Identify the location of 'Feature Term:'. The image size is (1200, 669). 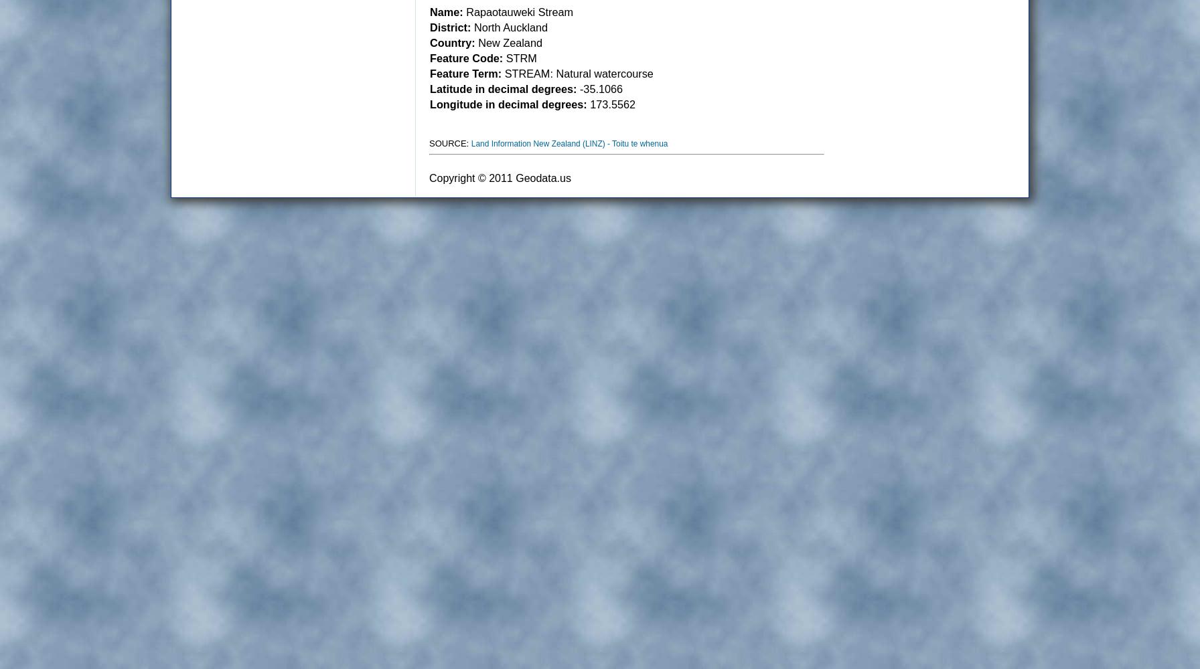
(465, 73).